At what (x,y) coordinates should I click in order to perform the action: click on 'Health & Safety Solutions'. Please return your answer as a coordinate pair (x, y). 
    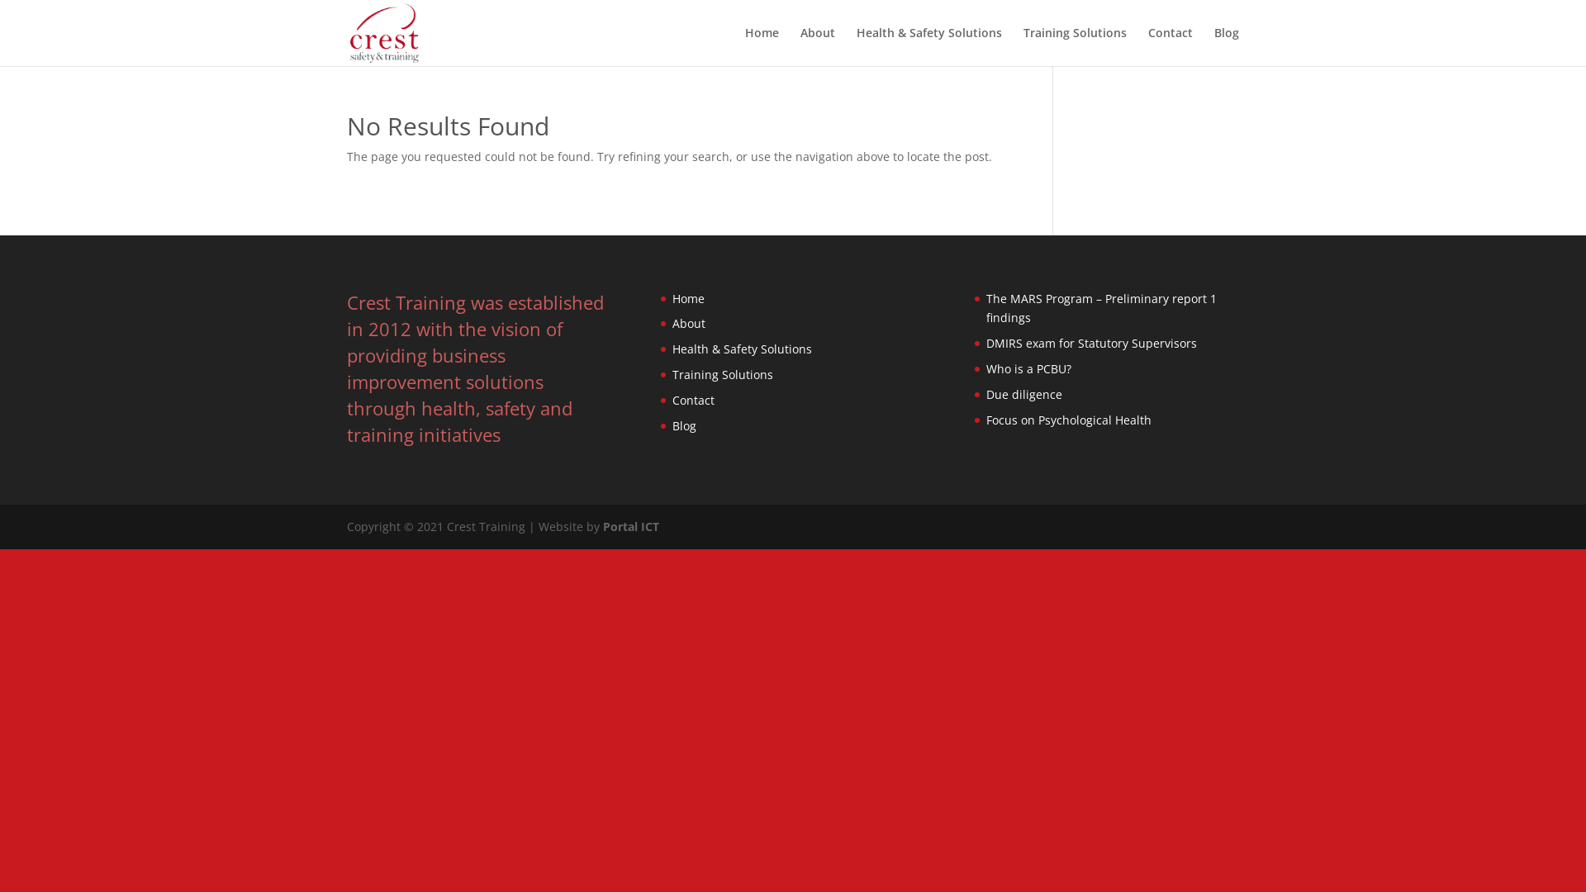
    Looking at the image, I should click on (672, 348).